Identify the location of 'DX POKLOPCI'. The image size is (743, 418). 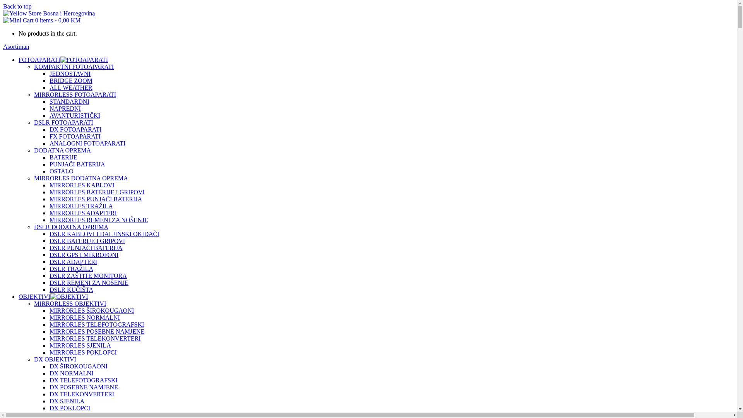
(70, 408).